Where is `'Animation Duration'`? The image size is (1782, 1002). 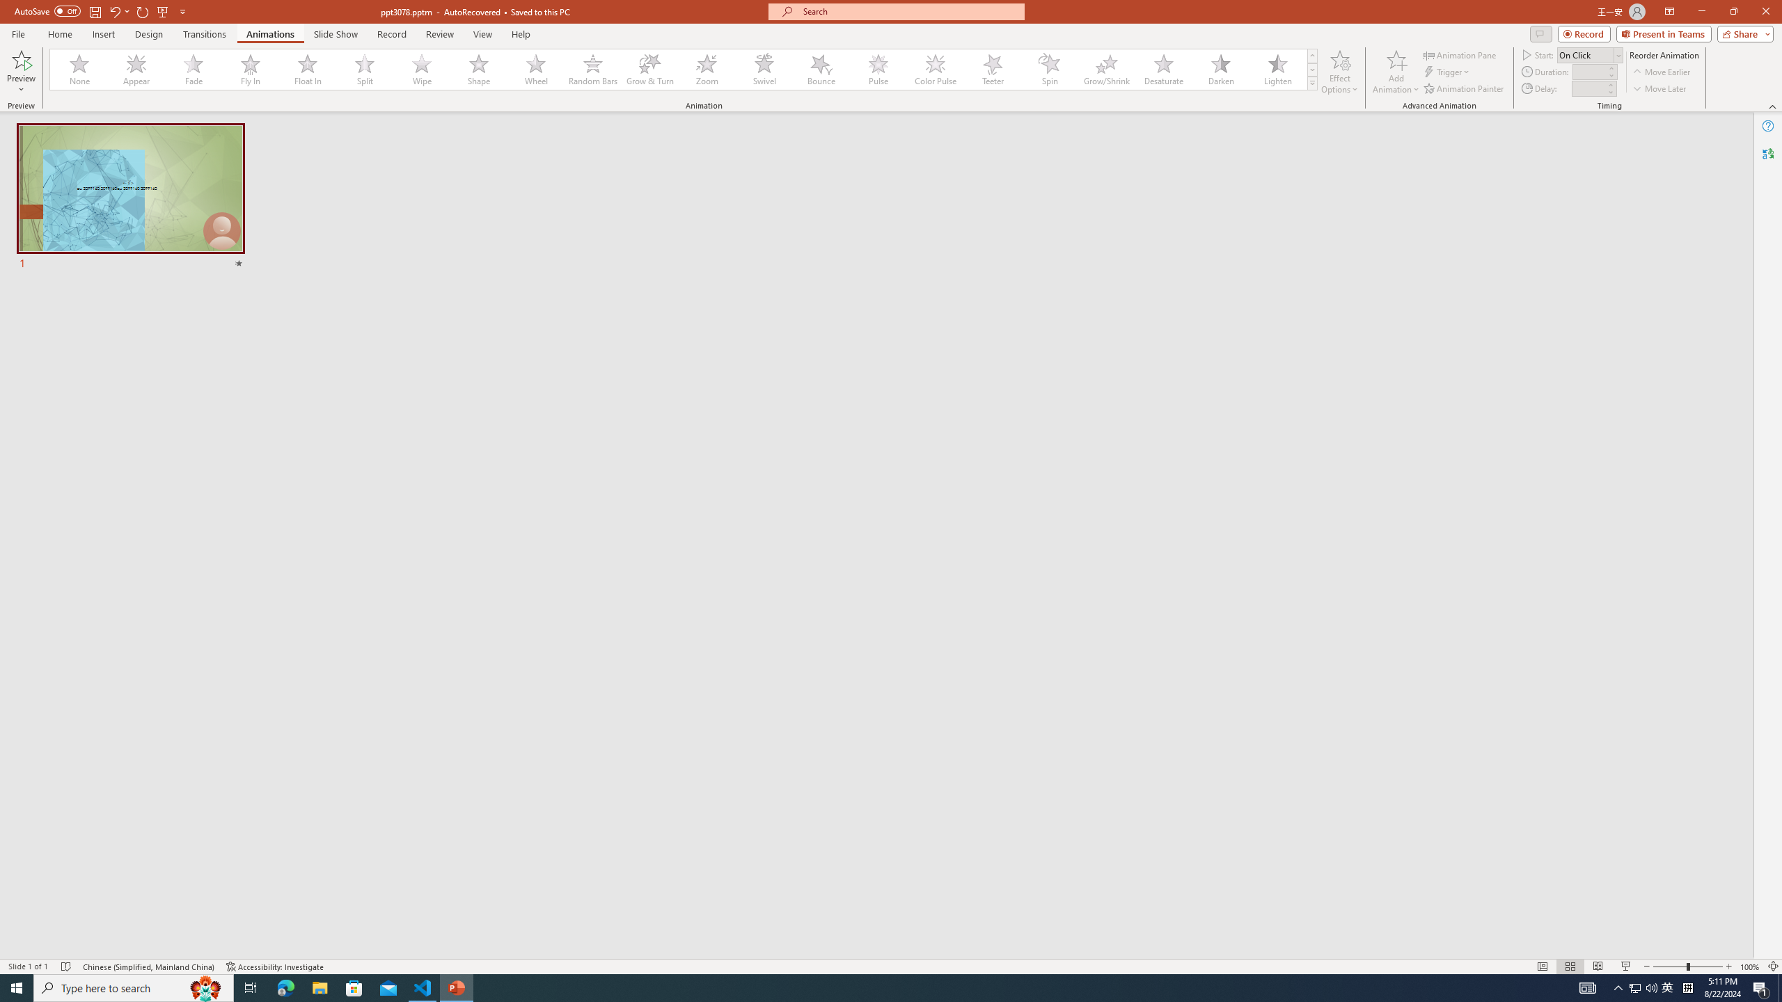
'Animation Duration' is located at coordinates (1588, 71).